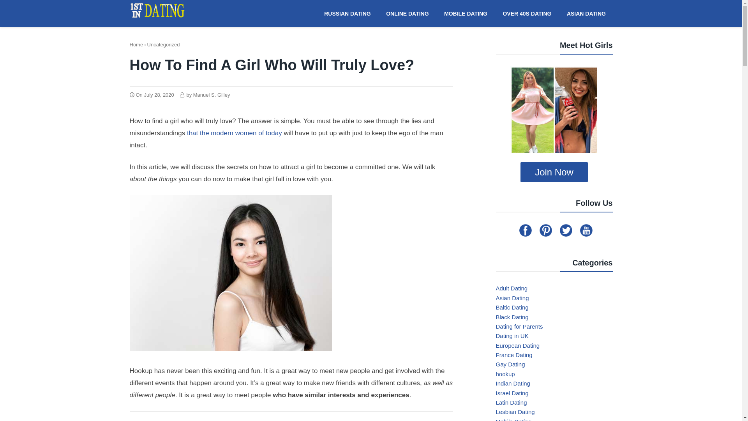 The width and height of the screenshot is (748, 421). Describe the element at coordinates (466, 13) in the screenshot. I see `'MOBILE DATING'` at that location.